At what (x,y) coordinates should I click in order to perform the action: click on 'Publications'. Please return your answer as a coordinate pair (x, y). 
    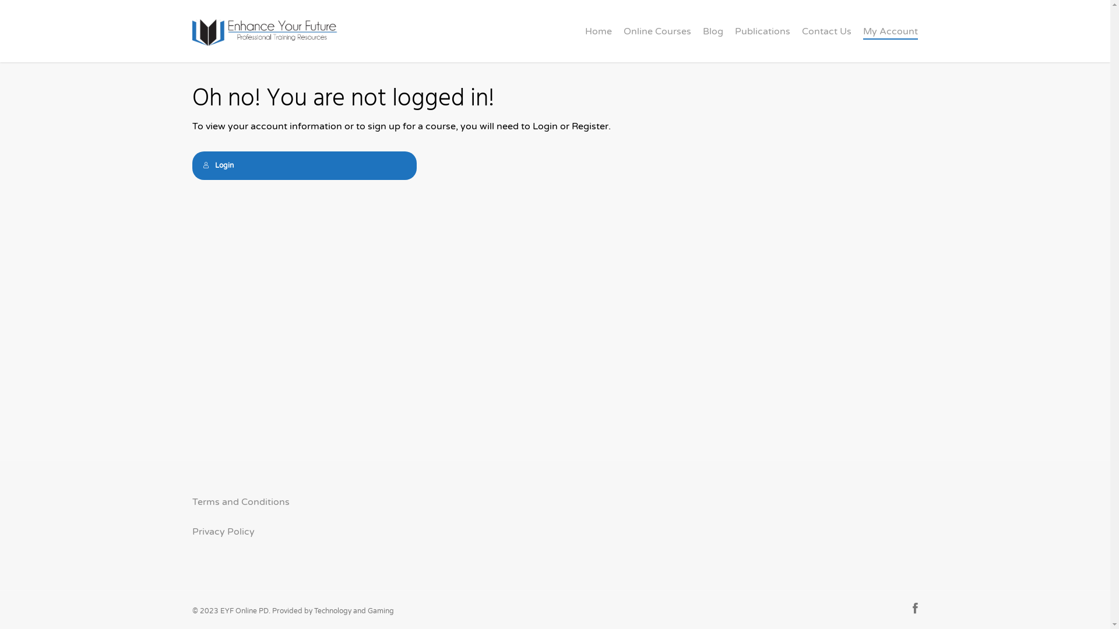
    Looking at the image, I should click on (762, 31).